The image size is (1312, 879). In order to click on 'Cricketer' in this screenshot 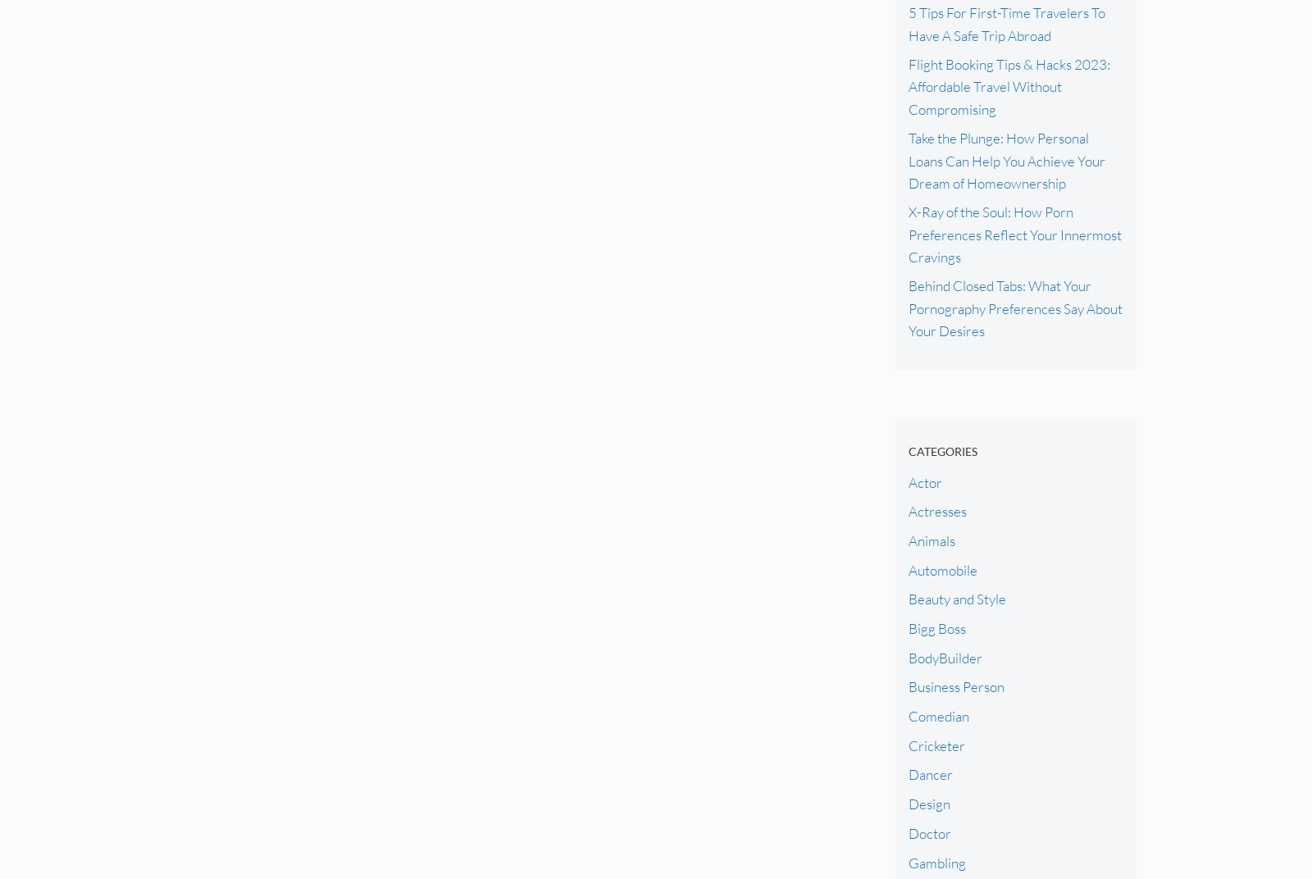, I will do `click(937, 745)`.